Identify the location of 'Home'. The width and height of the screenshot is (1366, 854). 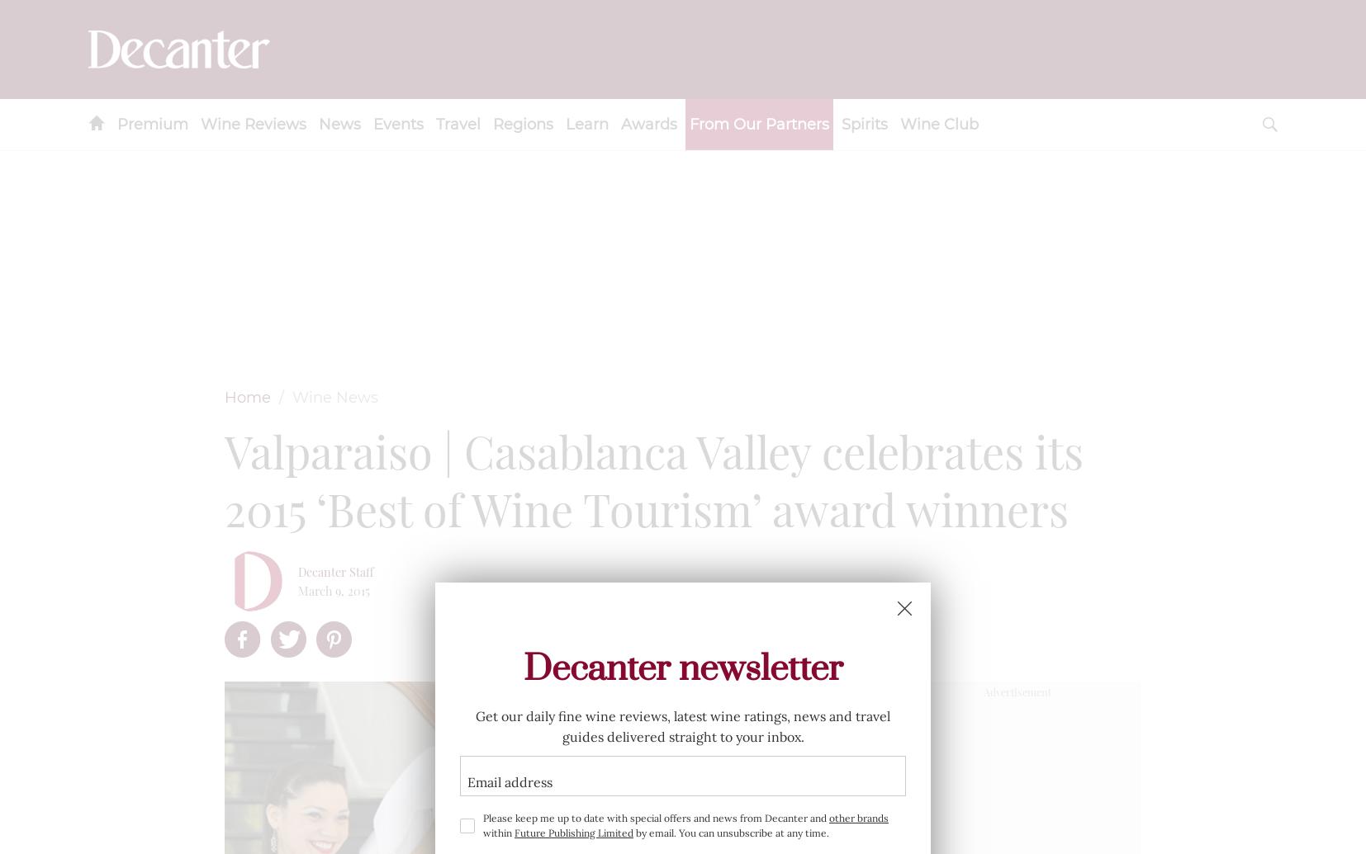
(247, 397).